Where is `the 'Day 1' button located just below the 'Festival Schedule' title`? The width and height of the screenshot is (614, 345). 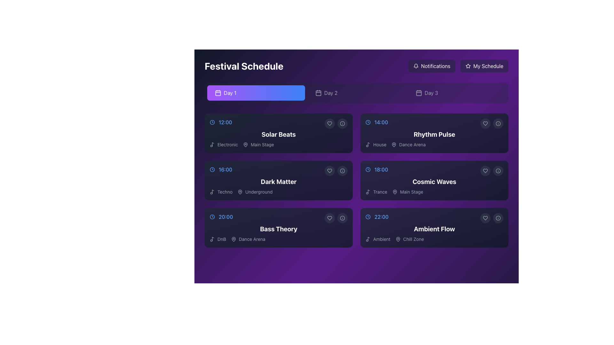 the 'Day 1' button located just below the 'Festival Schedule' title is located at coordinates (256, 93).